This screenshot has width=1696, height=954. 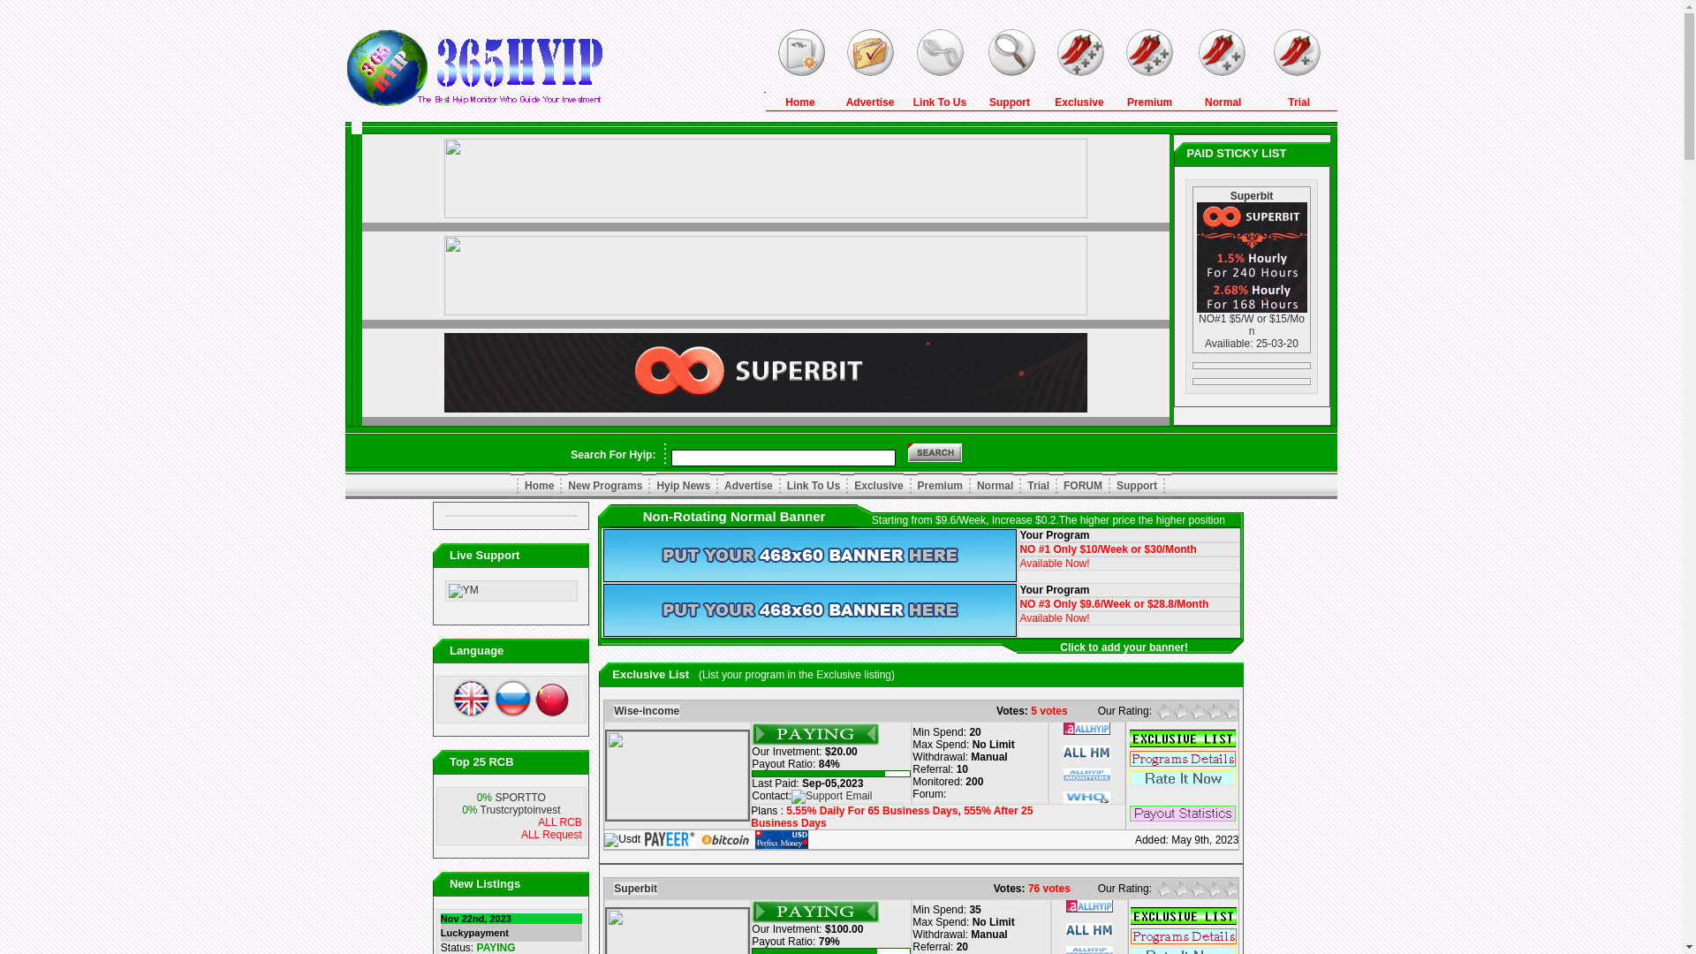 I want to click on 'Available Now!', so click(x=1054, y=563).